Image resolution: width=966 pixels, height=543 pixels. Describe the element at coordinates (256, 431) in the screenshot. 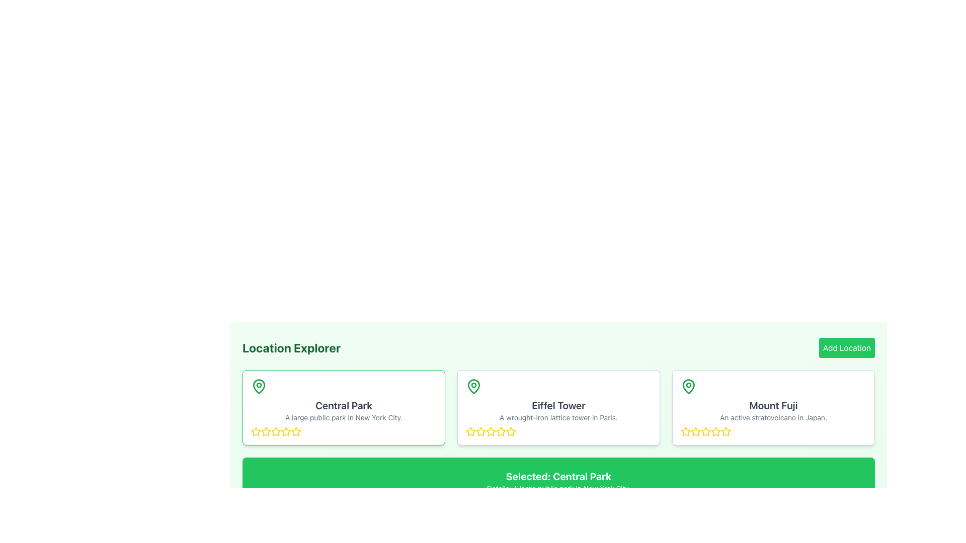

I see `the first star icon in the rating system located under the 'Central Park' card's description in the 'Location Explorer' section` at that location.